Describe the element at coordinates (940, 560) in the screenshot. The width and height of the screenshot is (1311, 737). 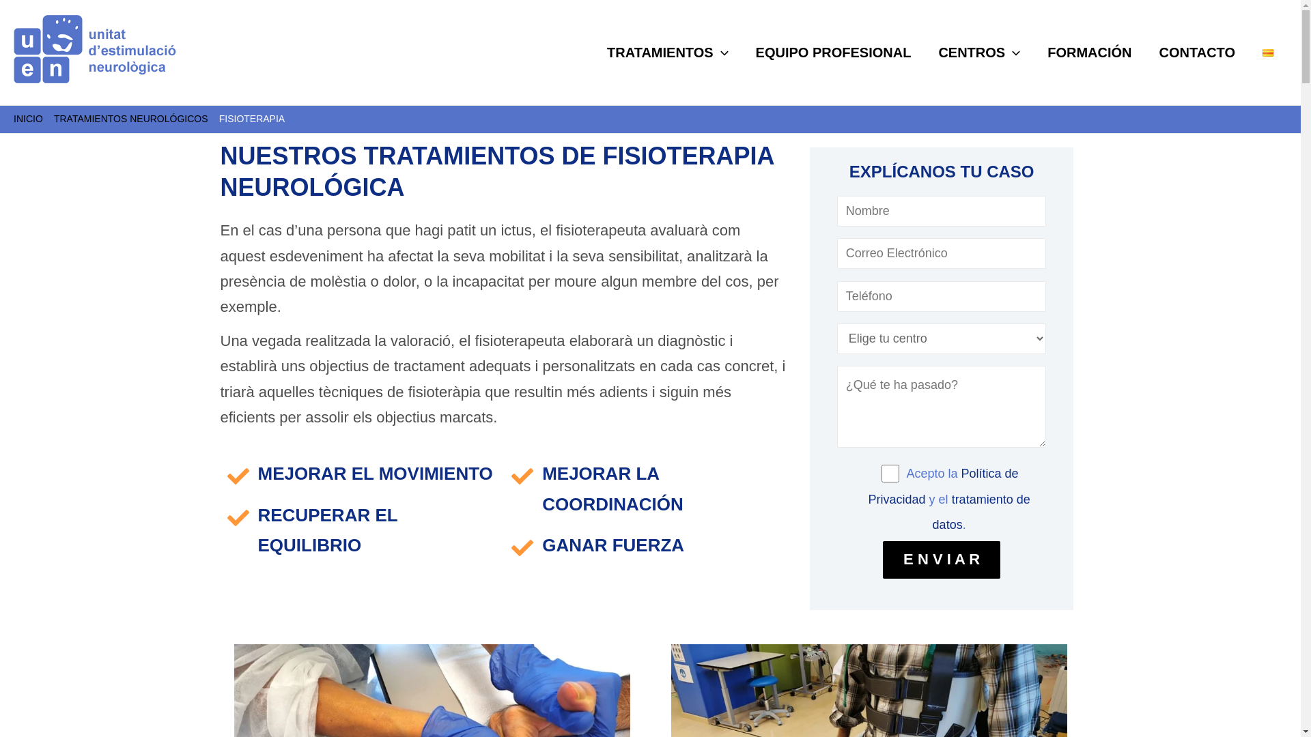
I see `'E N V I A R'` at that location.